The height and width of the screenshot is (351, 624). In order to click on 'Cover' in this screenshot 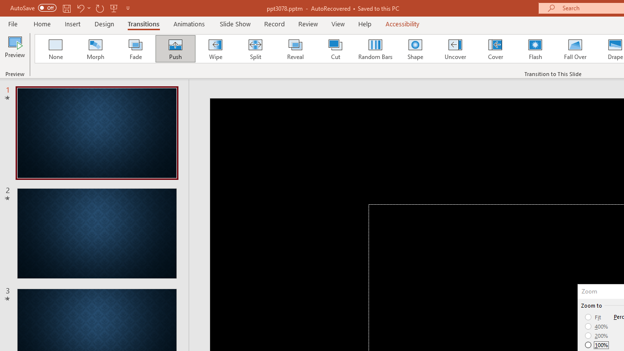, I will do `click(495, 49)`.